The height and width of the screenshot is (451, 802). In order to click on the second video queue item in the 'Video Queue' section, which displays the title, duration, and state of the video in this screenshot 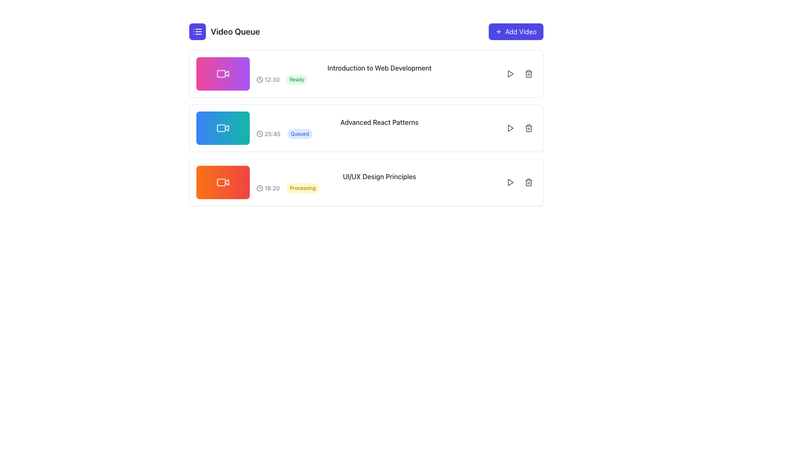, I will do `click(366, 128)`.